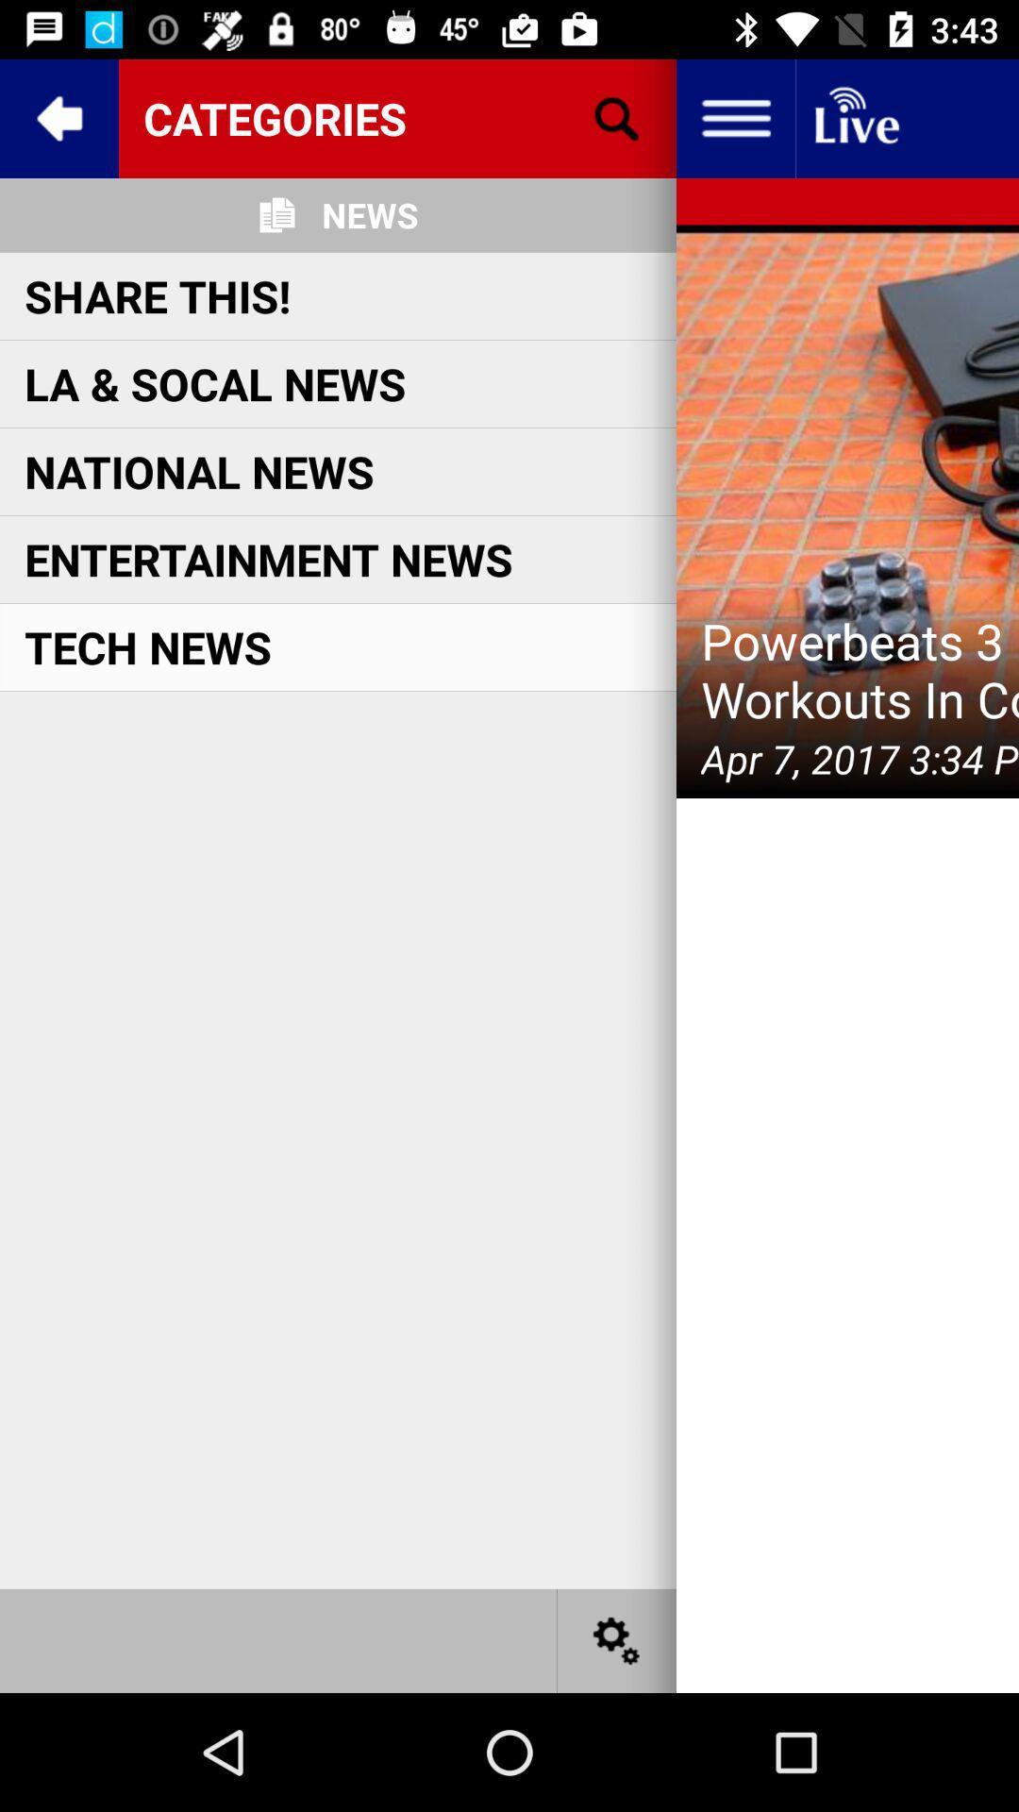  Describe the element at coordinates (855, 117) in the screenshot. I see `live option` at that location.